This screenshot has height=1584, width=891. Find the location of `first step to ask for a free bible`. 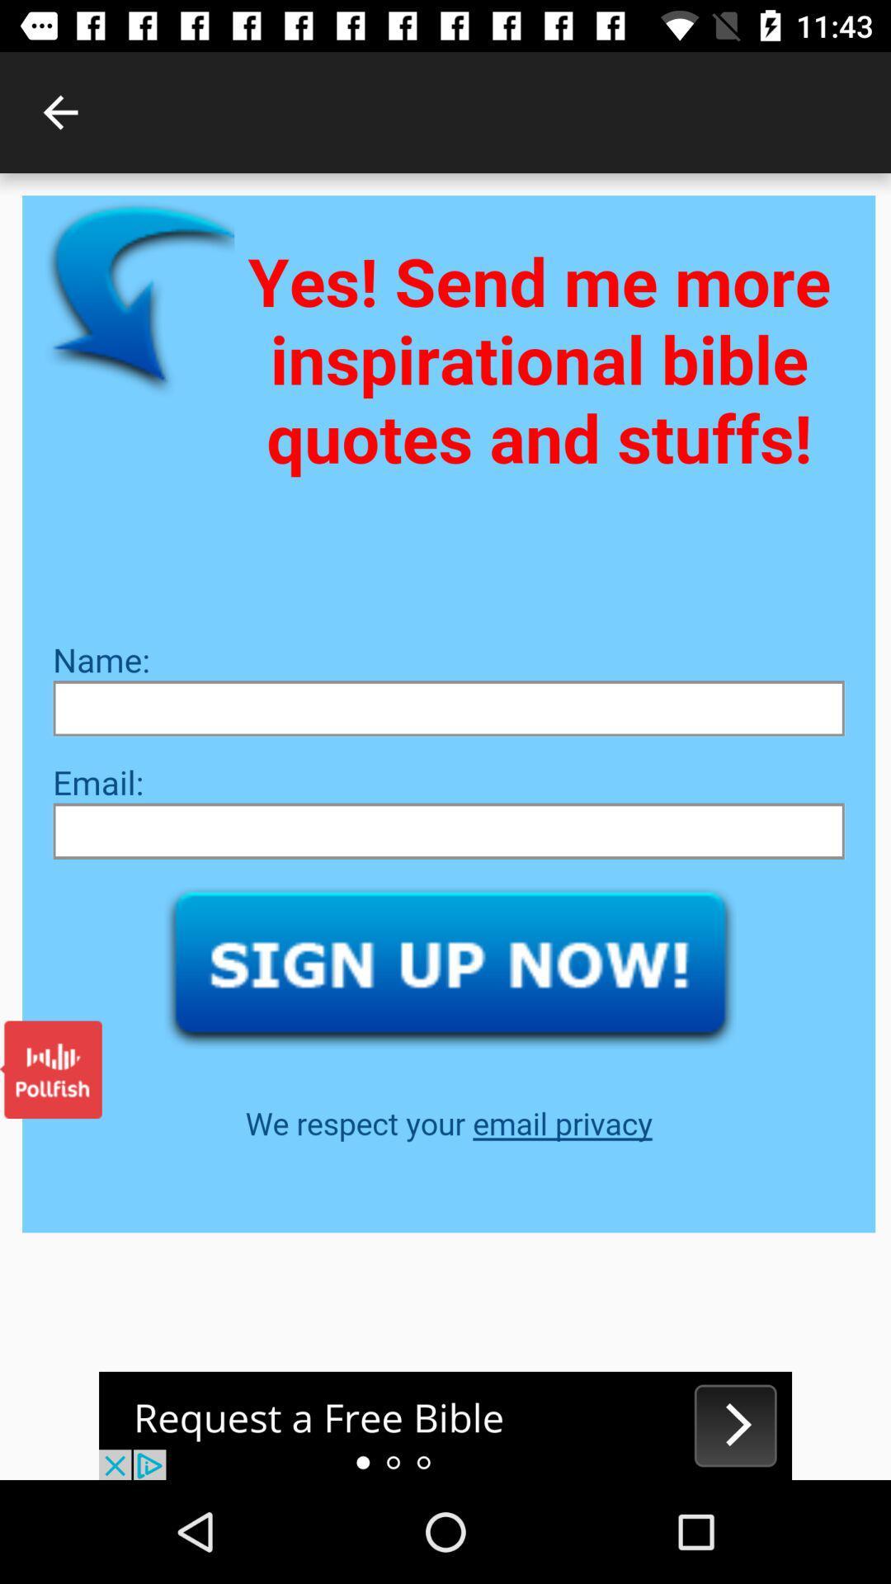

first step to ask for a free bible is located at coordinates (445, 1425).